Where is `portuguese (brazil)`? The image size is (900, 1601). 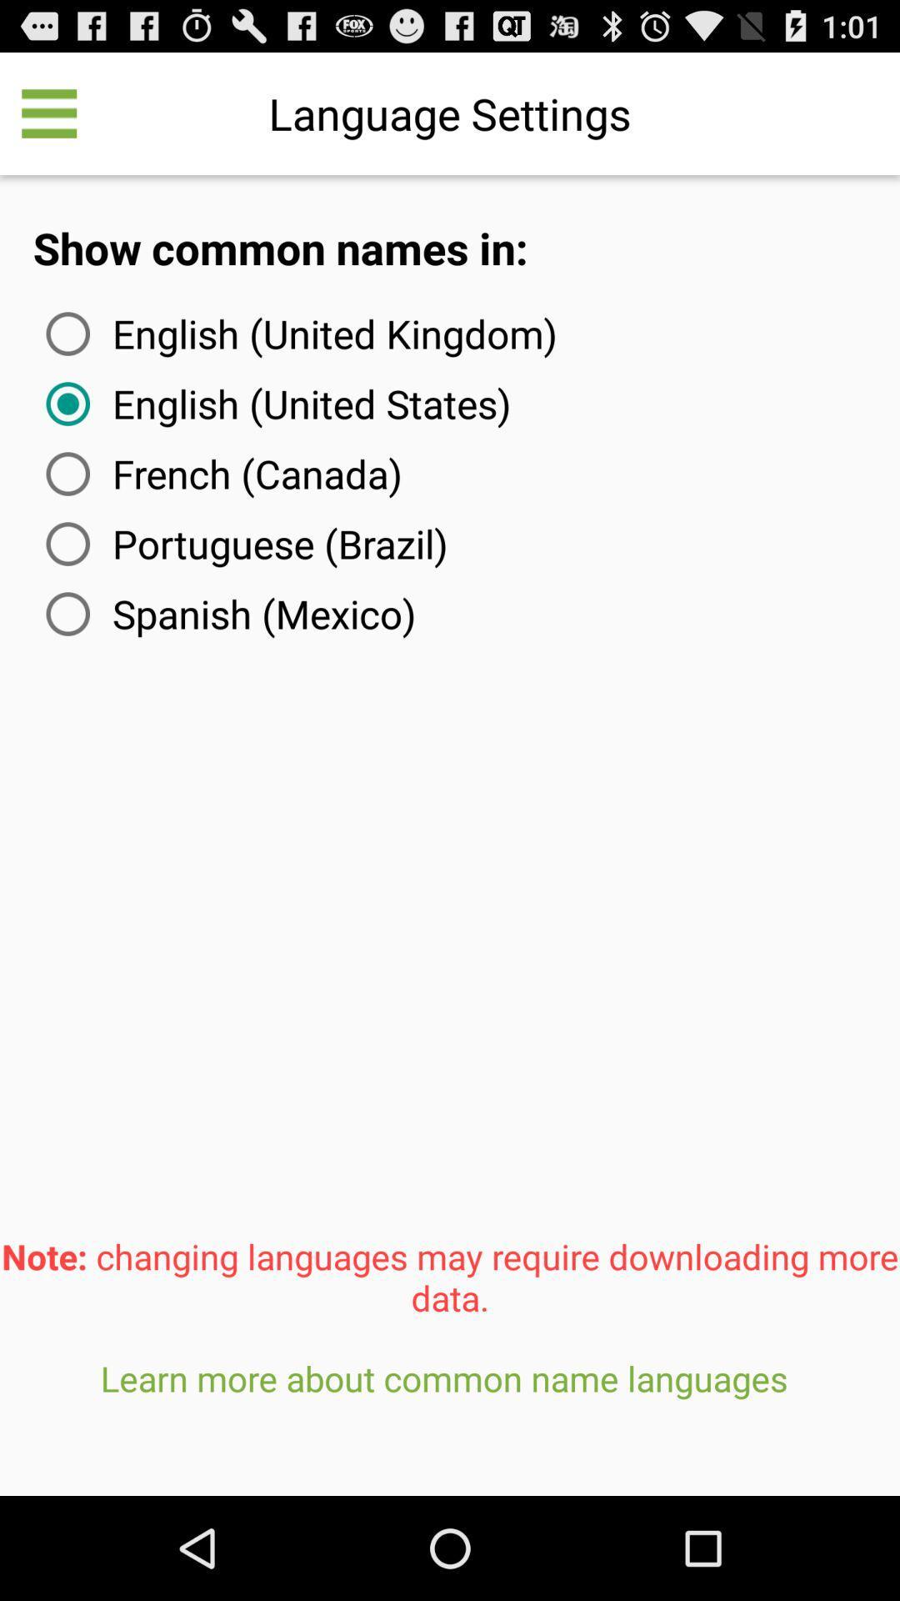
portuguese (brazil) is located at coordinates (243, 544).